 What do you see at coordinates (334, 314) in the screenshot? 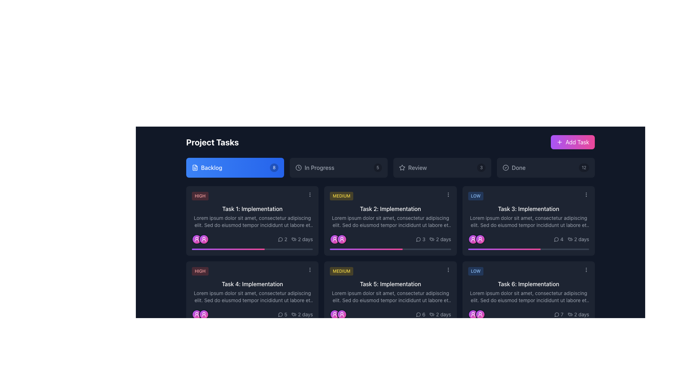
I see `the circular user icon with a white figure, located in the lower section of a task card, above a progress bar, surrounded by a pink gradient background` at bounding box center [334, 314].